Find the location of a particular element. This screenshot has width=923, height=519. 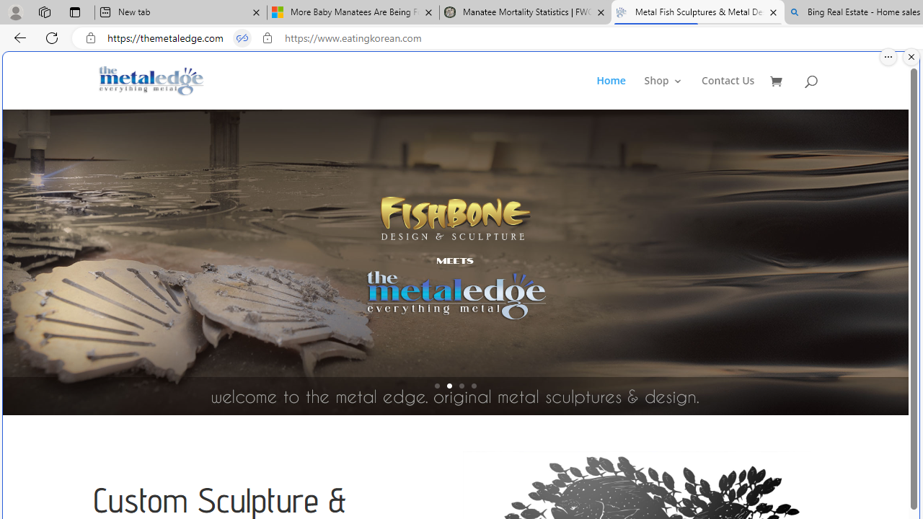

'Tabs in split screen' is located at coordinates (242, 37).